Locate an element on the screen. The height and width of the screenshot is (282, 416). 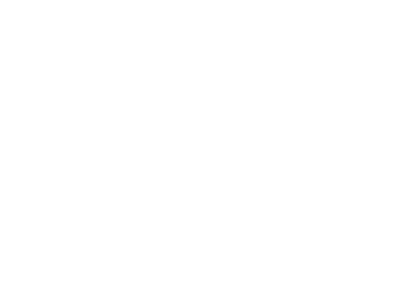
'@StarrFiles' is located at coordinates (170, 27).